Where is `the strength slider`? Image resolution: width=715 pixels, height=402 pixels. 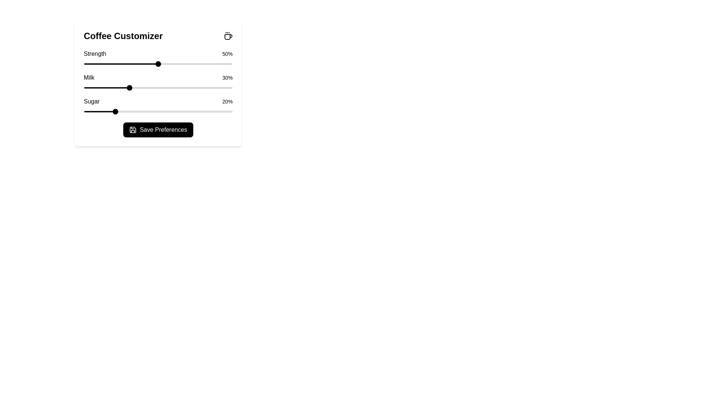 the strength slider is located at coordinates (146, 64).